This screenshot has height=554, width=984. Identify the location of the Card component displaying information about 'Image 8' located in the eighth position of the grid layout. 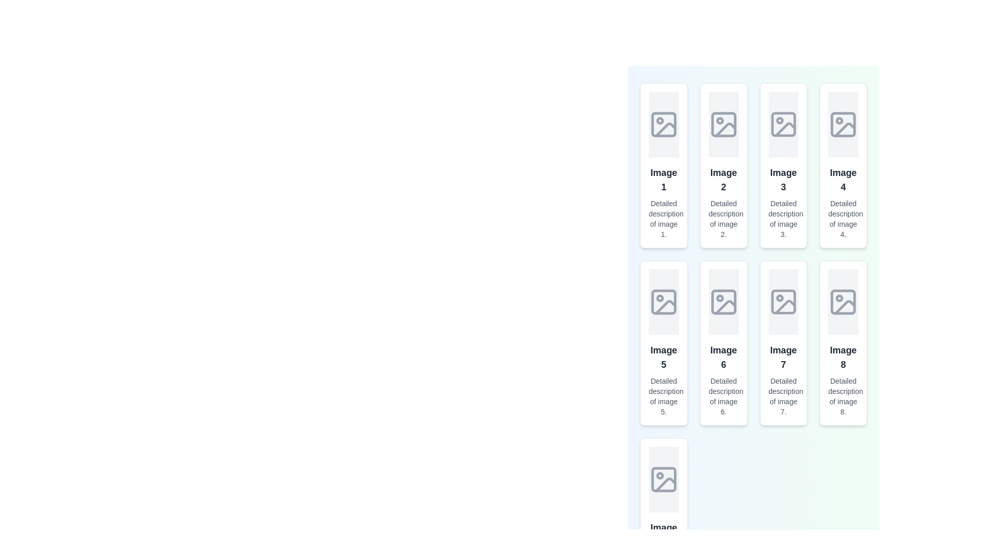
(843, 343).